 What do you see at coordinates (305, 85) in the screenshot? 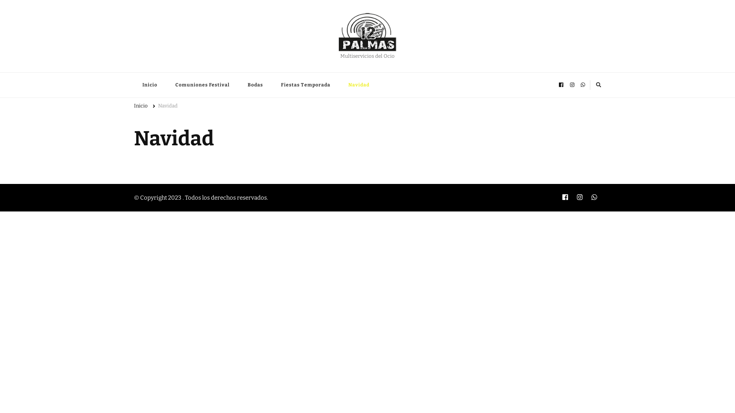
I see `'Fiestas Temporada'` at bounding box center [305, 85].